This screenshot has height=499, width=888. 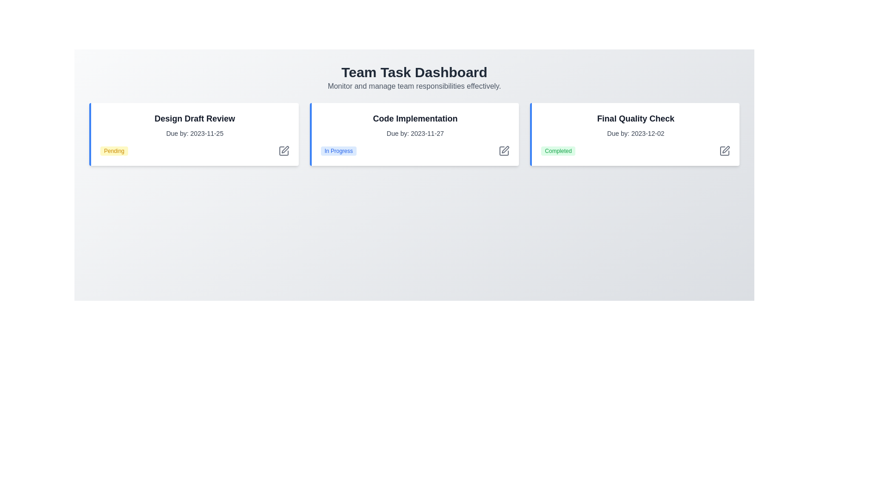 What do you see at coordinates (414, 151) in the screenshot?
I see `the 'In Progress' status tag located at the lower section of the 'Code Implementation' card, aligned to the left side` at bounding box center [414, 151].